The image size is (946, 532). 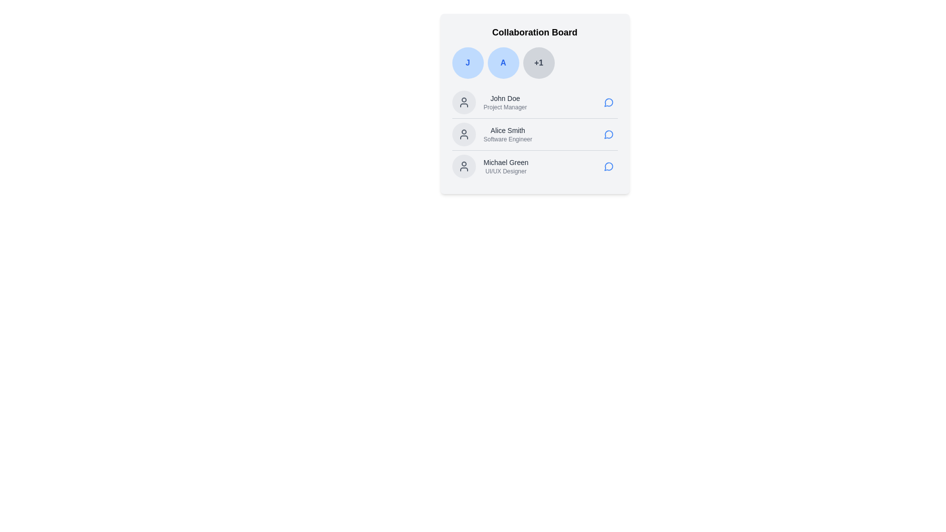 I want to click on the button located in the 'Collaboration Board' interface, associated with 'John Doe', so click(x=608, y=102).